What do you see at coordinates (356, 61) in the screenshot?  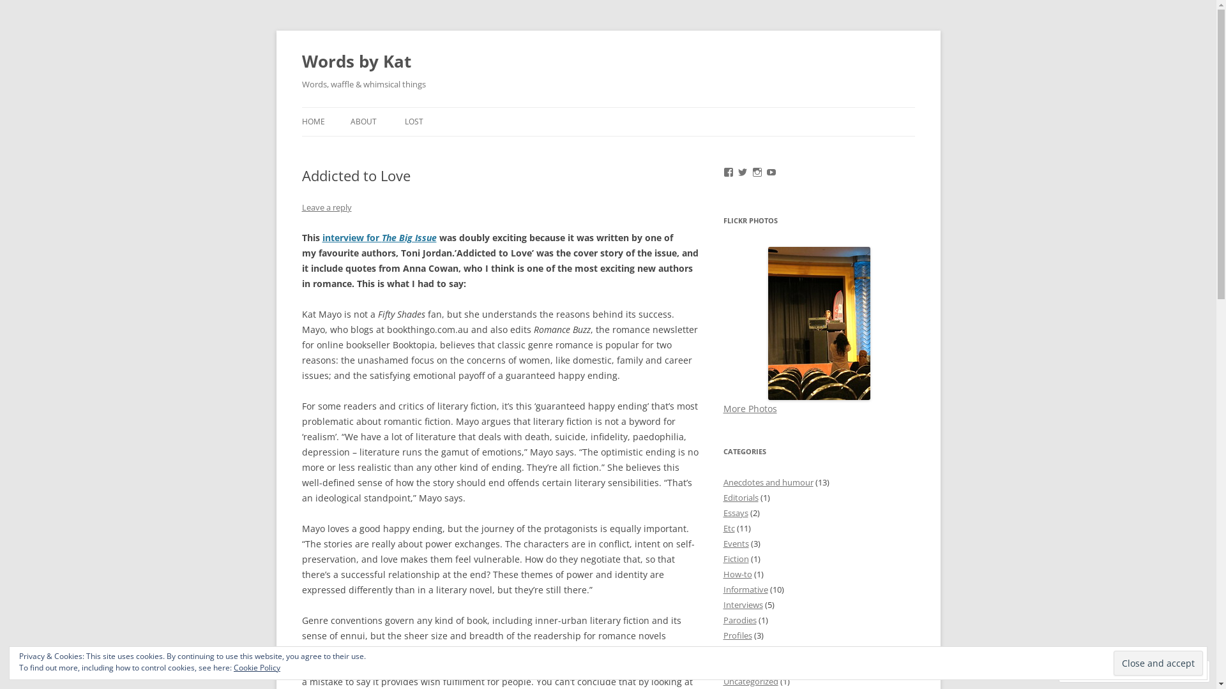 I see `'Words by Kat'` at bounding box center [356, 61].